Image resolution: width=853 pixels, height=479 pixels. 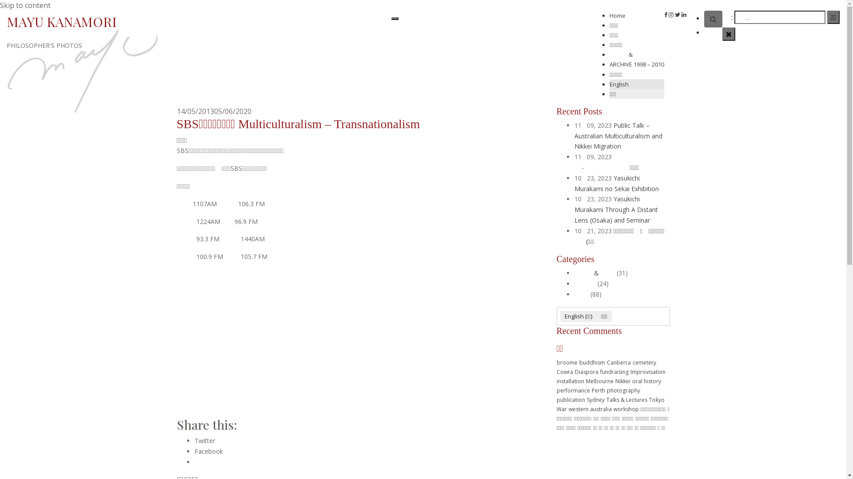 What do you see at coordinates (586, 372) in the screenshot?
I see `'Diaspora'` at bounding box center [586, 372].